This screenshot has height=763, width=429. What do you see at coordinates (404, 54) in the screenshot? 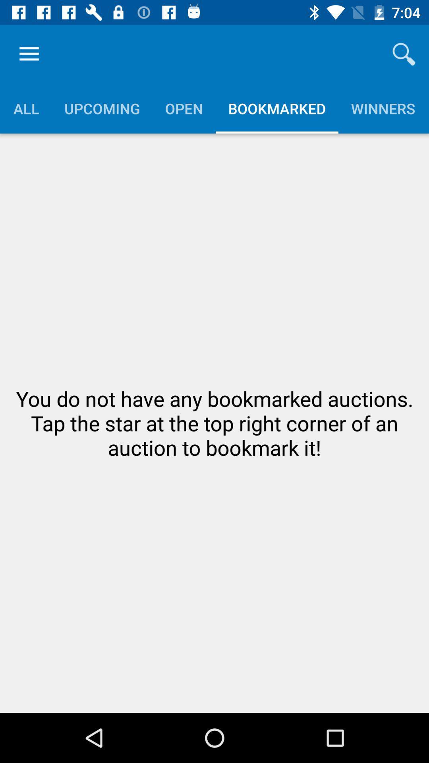
I see `item above the winners item` at bounding box center [404, 54].